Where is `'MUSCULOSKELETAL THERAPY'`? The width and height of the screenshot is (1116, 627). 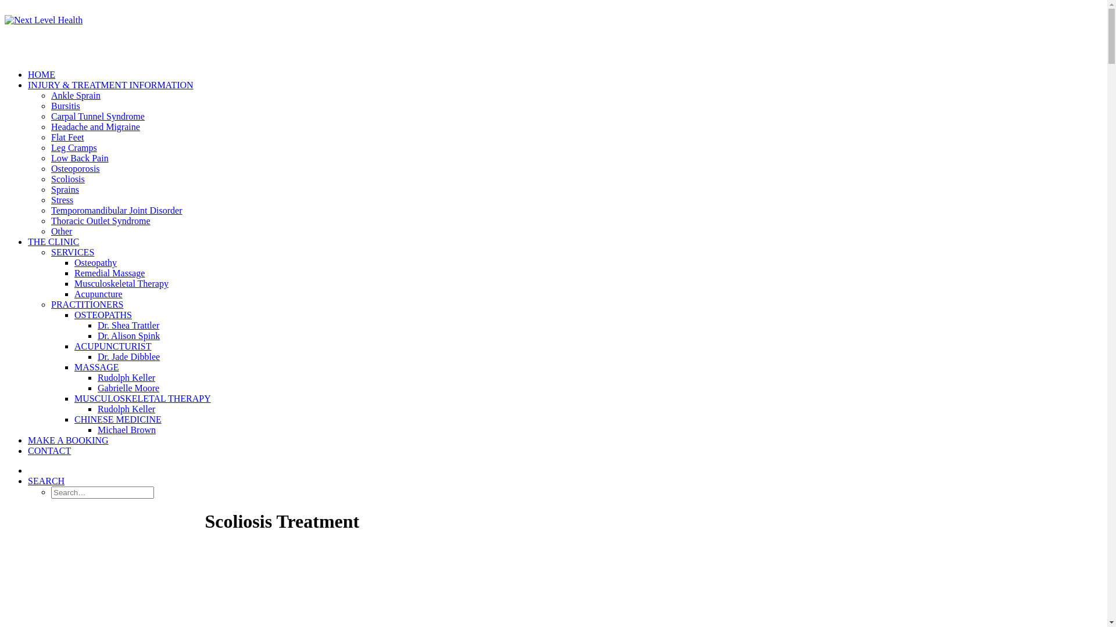
'MUSCULOSKELETAL THERAPY' is located at coordinates (142, 398).